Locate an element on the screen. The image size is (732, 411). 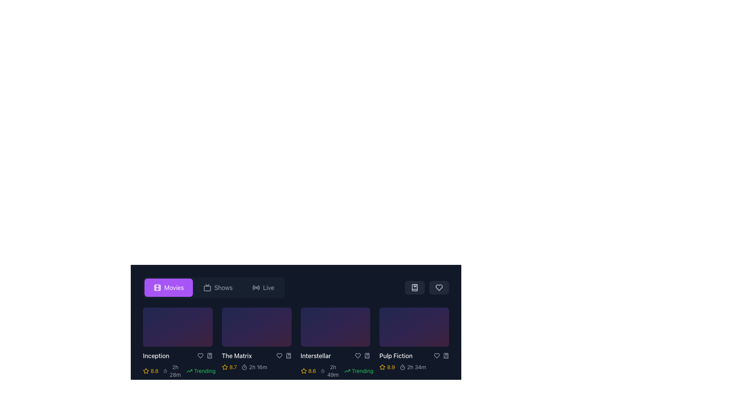
the visual appearance of the trending upward arrow icon, which is styled in a minimalistic way and located next to the text 'Trending' is located at coordinates (347, 370).